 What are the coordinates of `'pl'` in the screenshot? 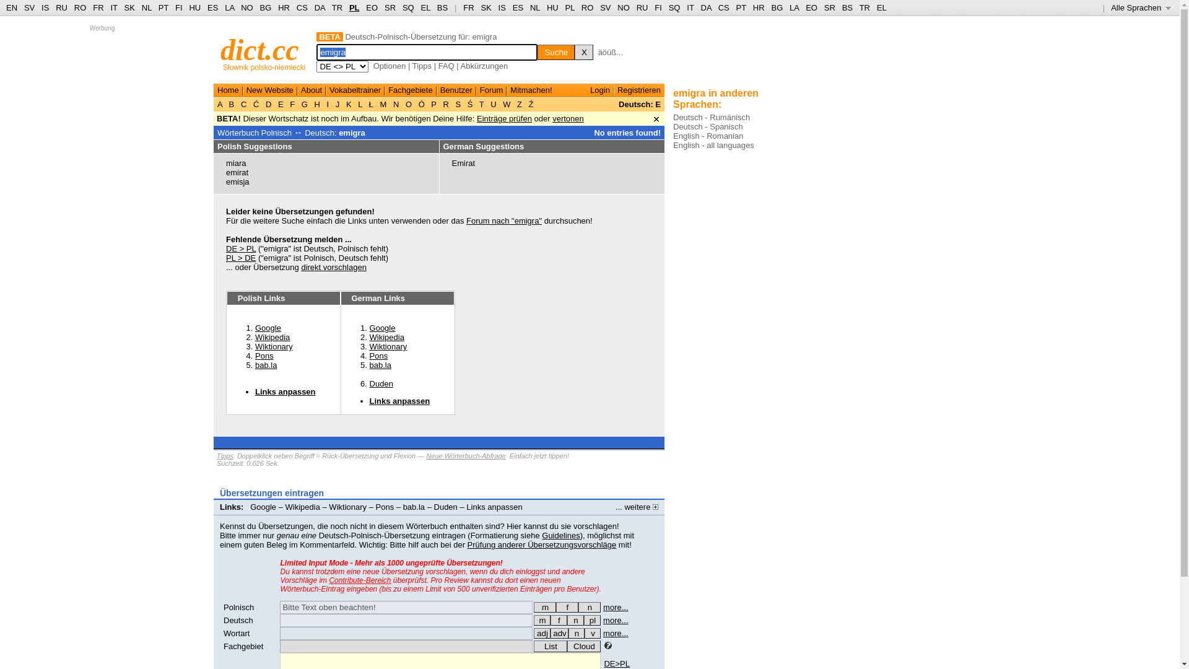 It's located at (583, 620).